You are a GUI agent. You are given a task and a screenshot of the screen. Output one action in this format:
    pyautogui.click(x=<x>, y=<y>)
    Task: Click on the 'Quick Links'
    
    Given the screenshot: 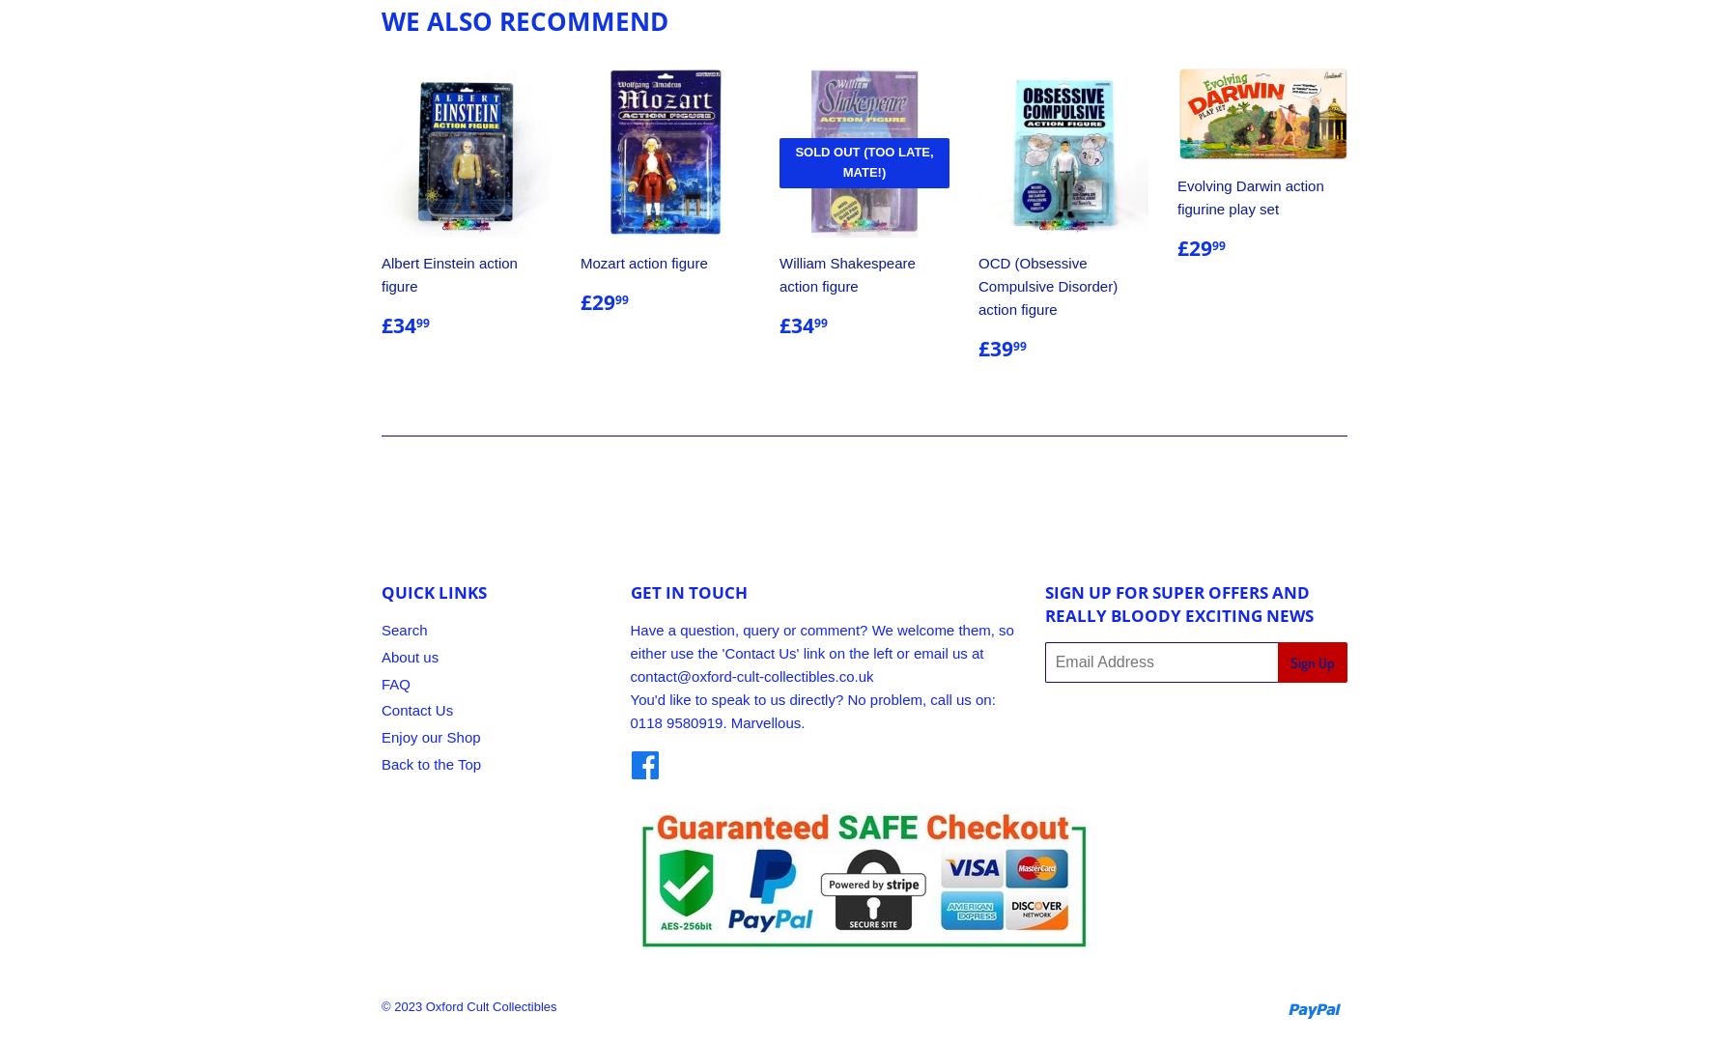 What is the action you would take?
    pyautogui.click(x=382, y=592)
    